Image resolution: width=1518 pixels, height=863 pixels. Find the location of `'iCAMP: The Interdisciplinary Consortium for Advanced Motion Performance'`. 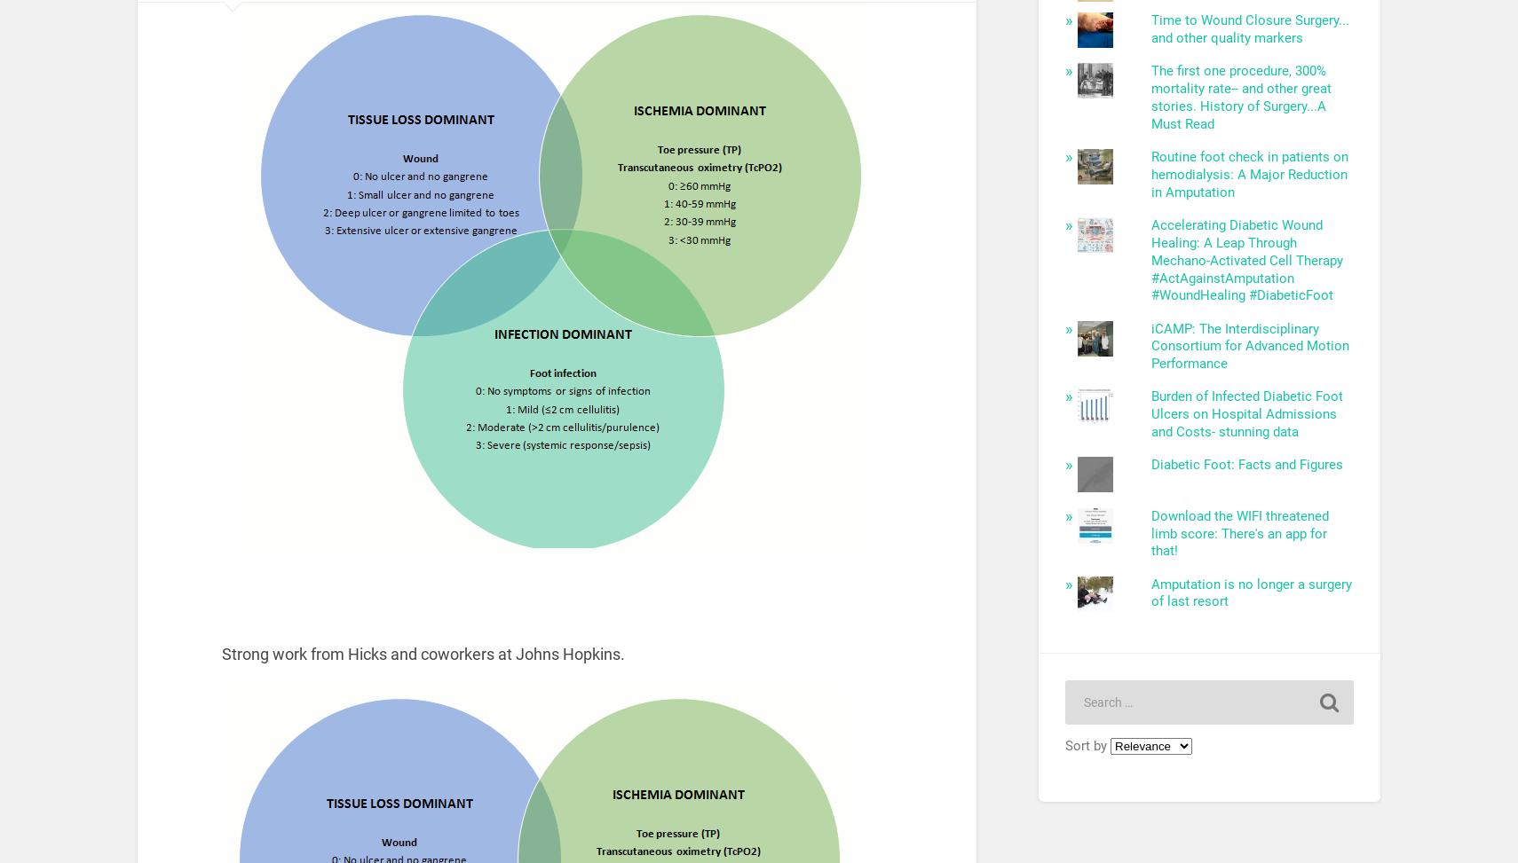

'iCAMP: The Interdisciplinary Consortium for Advanced Motion Performance' is located at coordinates (1249, 344).